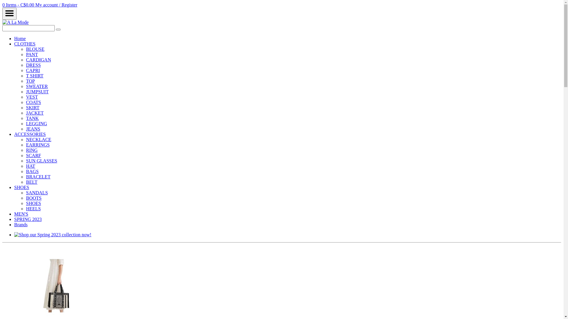 Image resolution: width=568 pixels, height=319 pixels. What do you see at coordinates (34, 75) in the screenshot?
I see `'T SHIRT'` at bounding box center [34, 75].